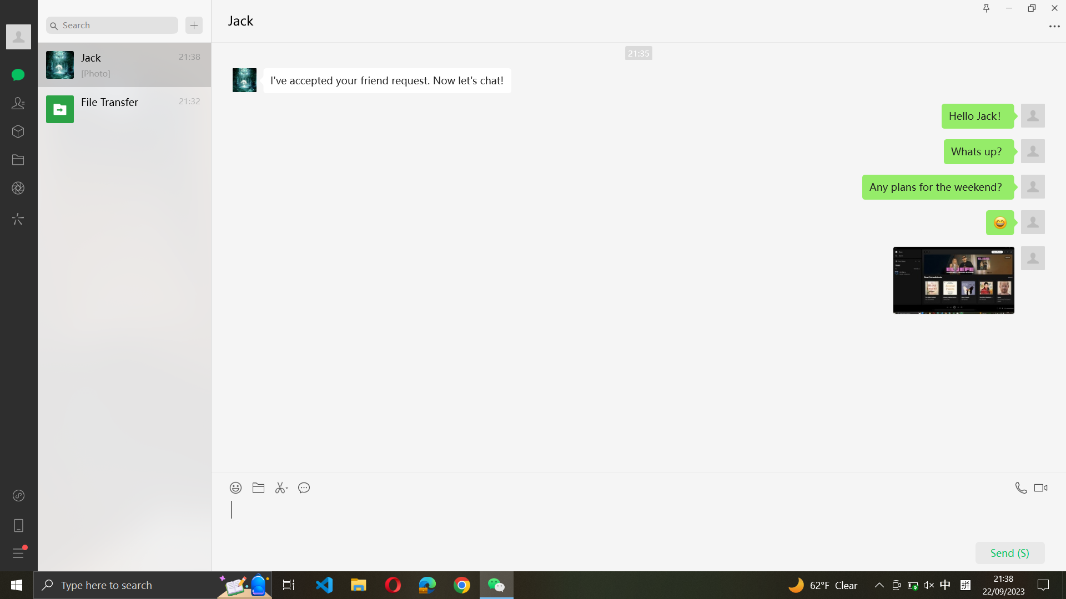 The image size is (1066, 599). What do you see at coordinates (637, 532) in the screenshot?
I see `Insert "Hello" in Jack"s chat window and execute the send function` at bounding box center [637, 532].